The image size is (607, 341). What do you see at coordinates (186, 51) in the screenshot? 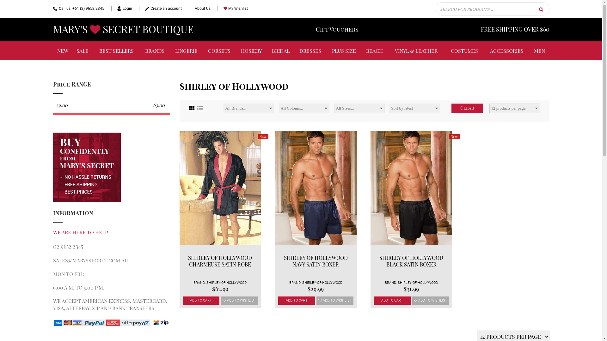
I see `'LINGERIE'` at bounding box center [186, 51].